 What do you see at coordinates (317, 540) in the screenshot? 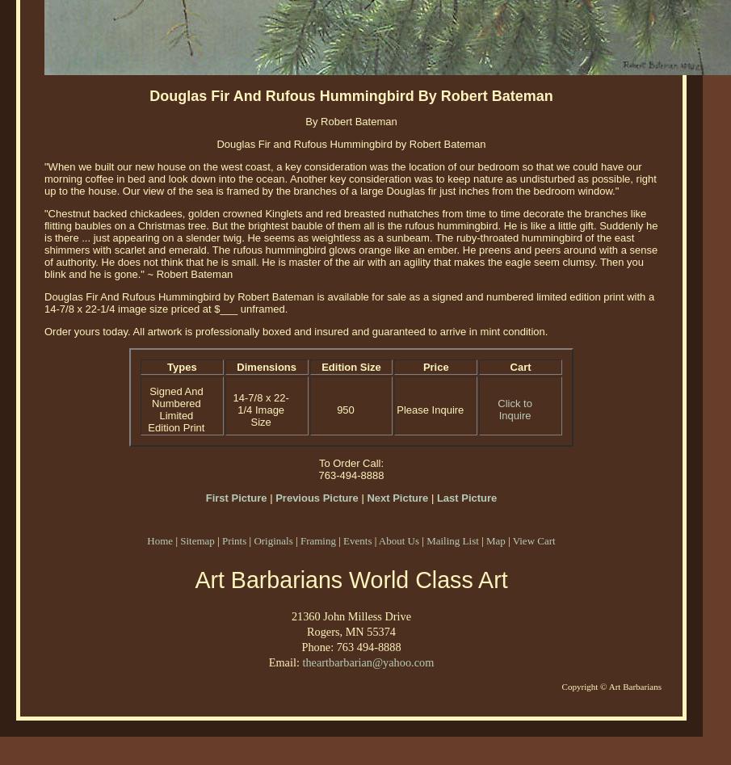
I see `'Framing'` at bounding box center [317, 540].